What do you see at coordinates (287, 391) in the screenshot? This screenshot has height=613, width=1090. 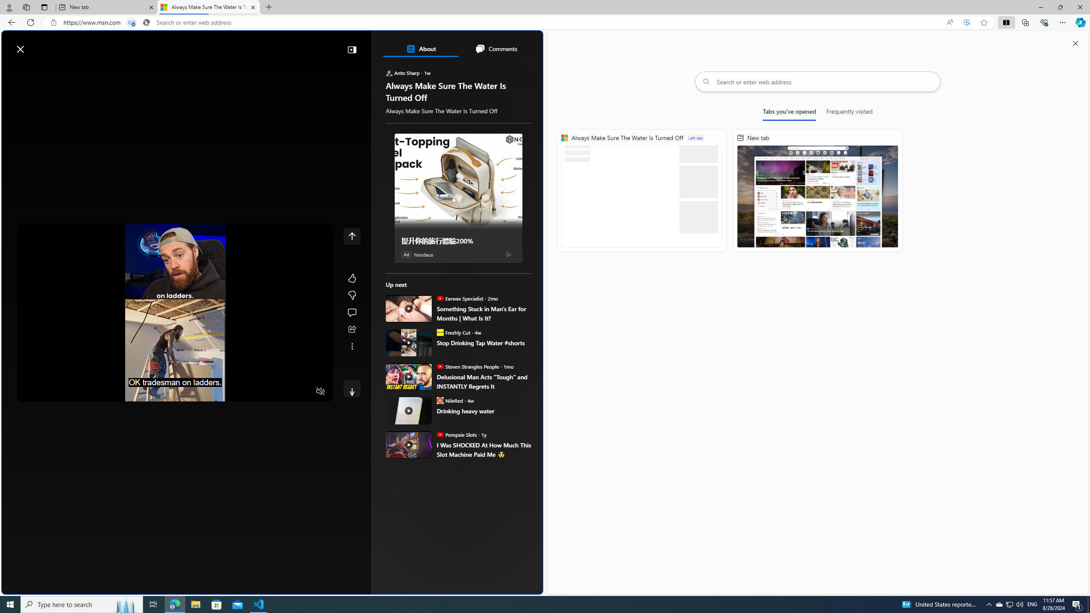 I see `'Captions'` at bounding box center [287, 391].